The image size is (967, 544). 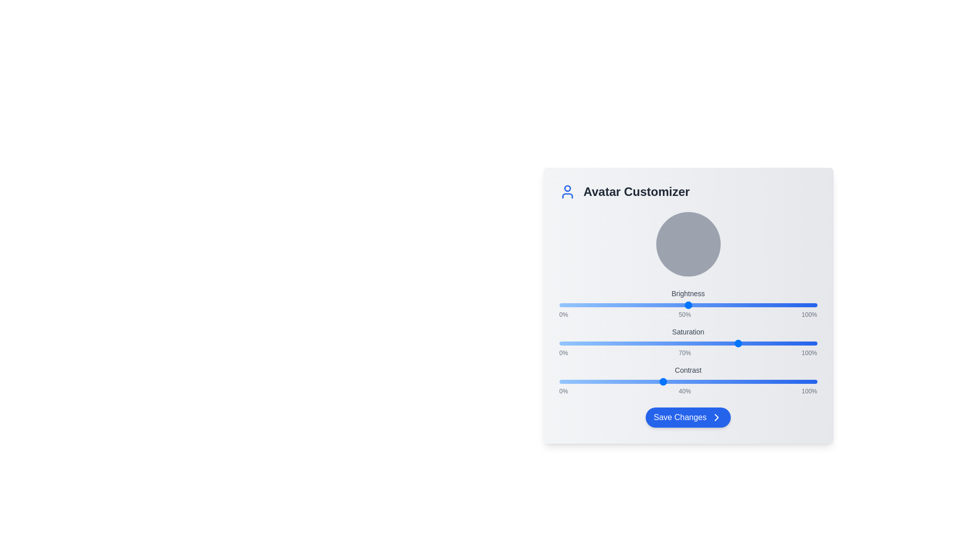 What do you see at coordinates (587, 304) in the screenshot?
I see `the Brightness slider to 11%` at bounding box center [587, 304].